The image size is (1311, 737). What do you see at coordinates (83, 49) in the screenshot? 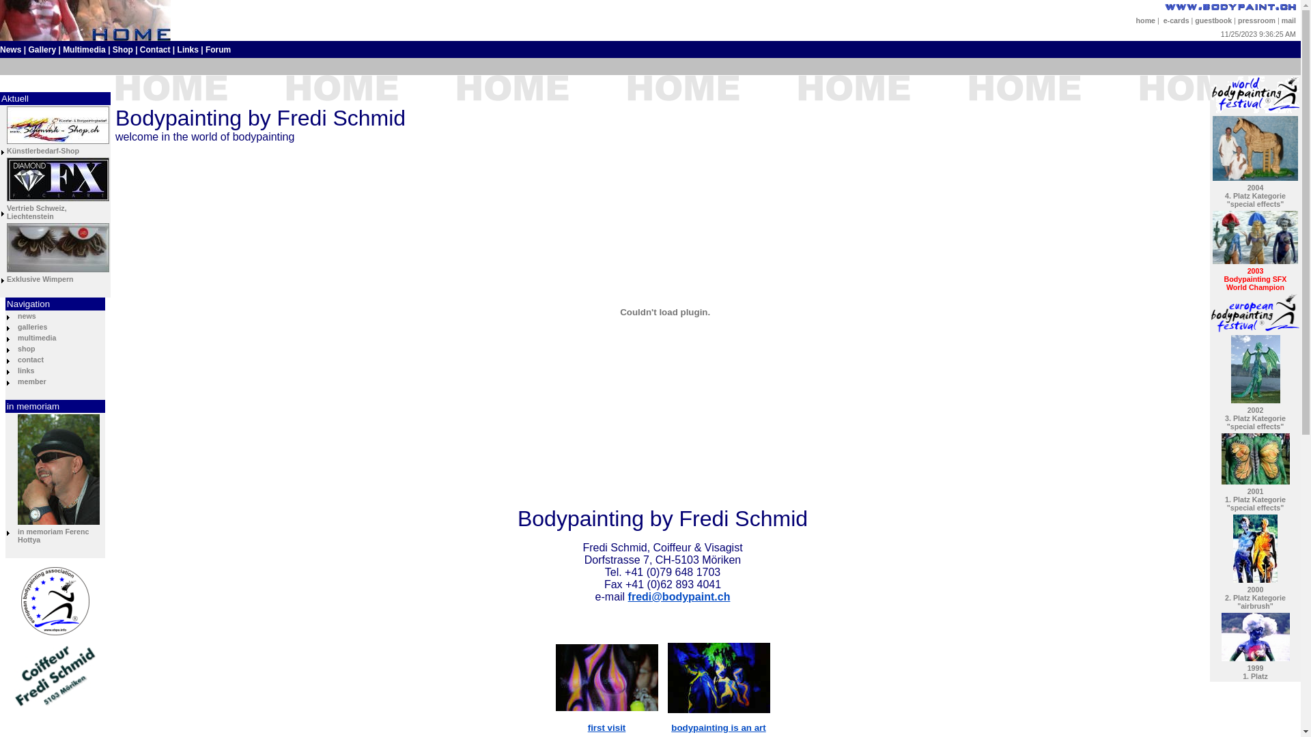
I see `'Multimedia'` at bounding box center [83, 49].